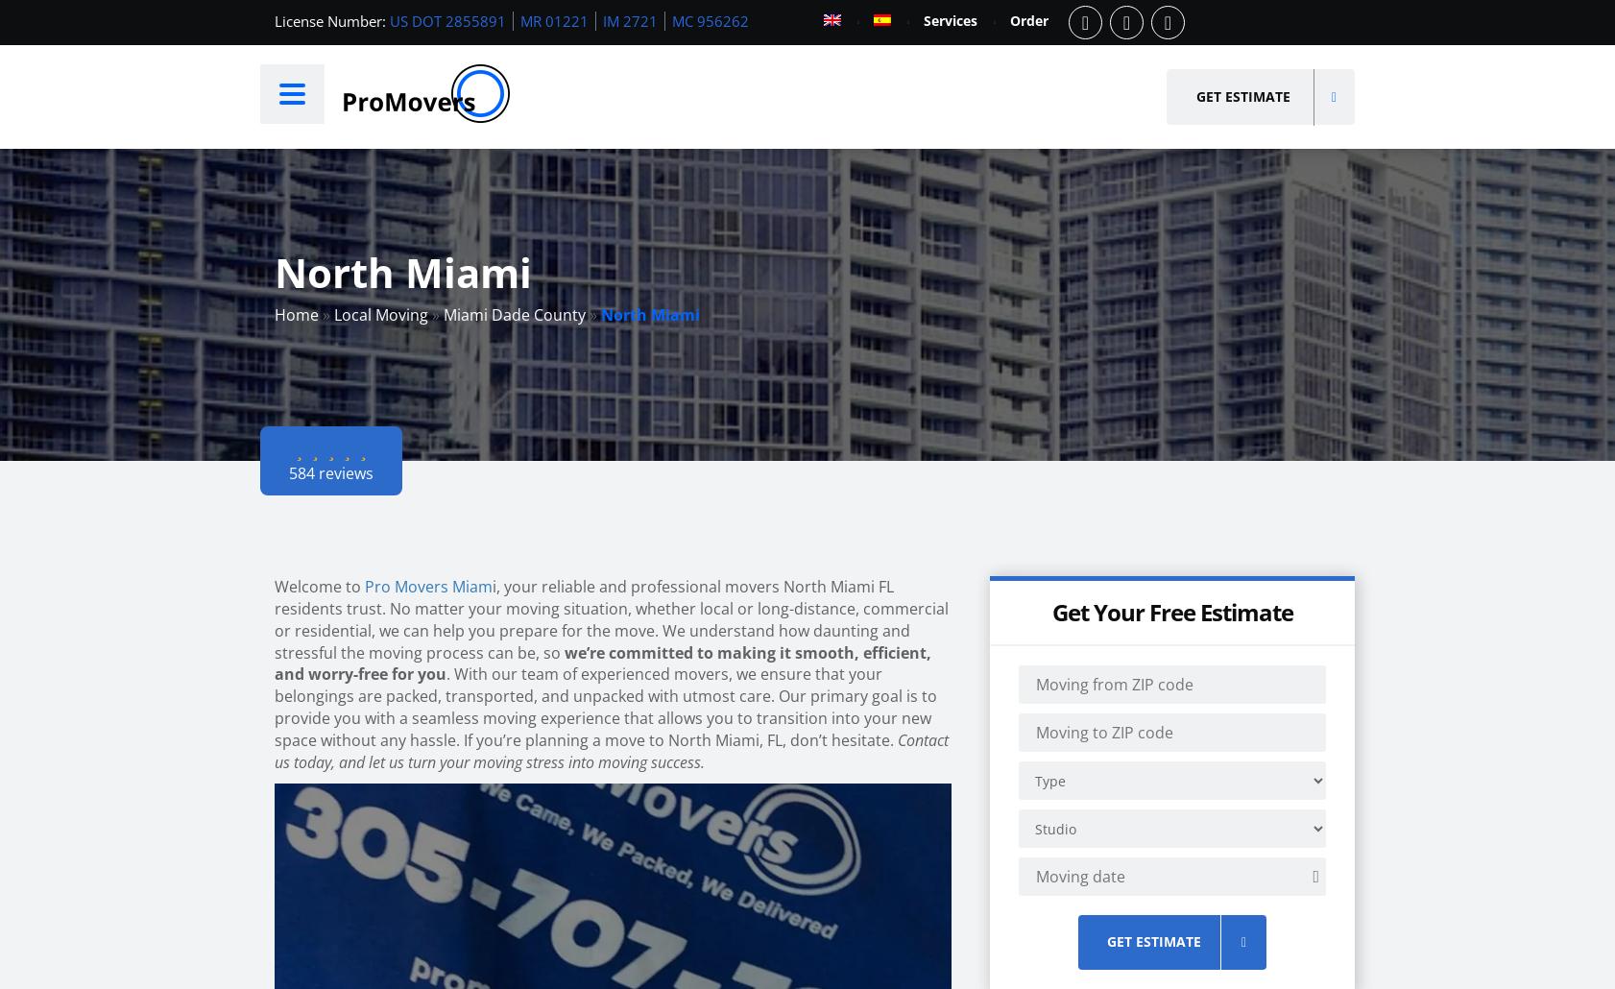  I want to click on 'i, your reliable and professional movers North Miami FL residents trust. No matter your moving situation, whether local or long-distance, commercial or residential, we can help you prepare for the move. We understand how daunting and stressful the moving process can be, so', so click(611, 617).